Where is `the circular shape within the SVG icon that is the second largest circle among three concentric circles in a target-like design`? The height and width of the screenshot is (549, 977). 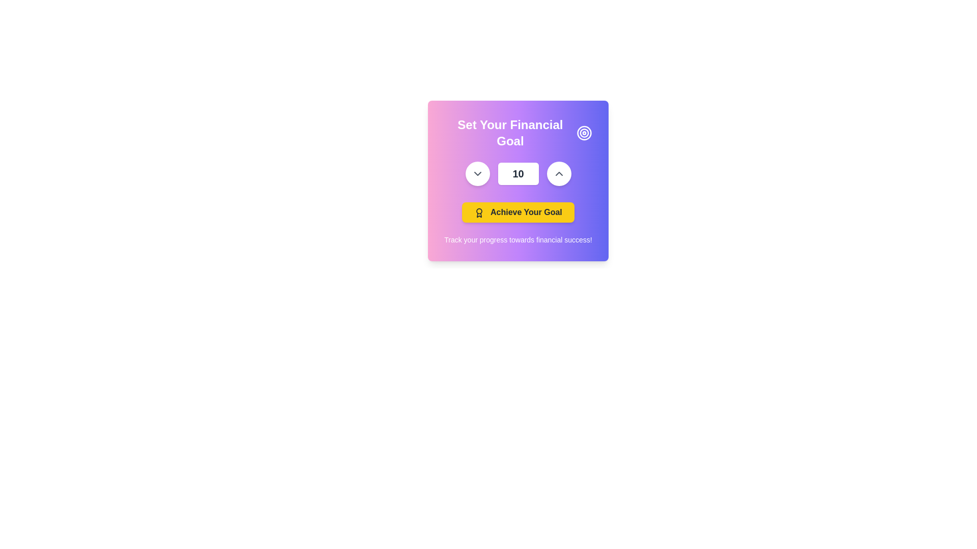 the circular shape within the SVG icon that is the second largest circle among three concentric circles in a target-like design is located at coordinates (584, 133).